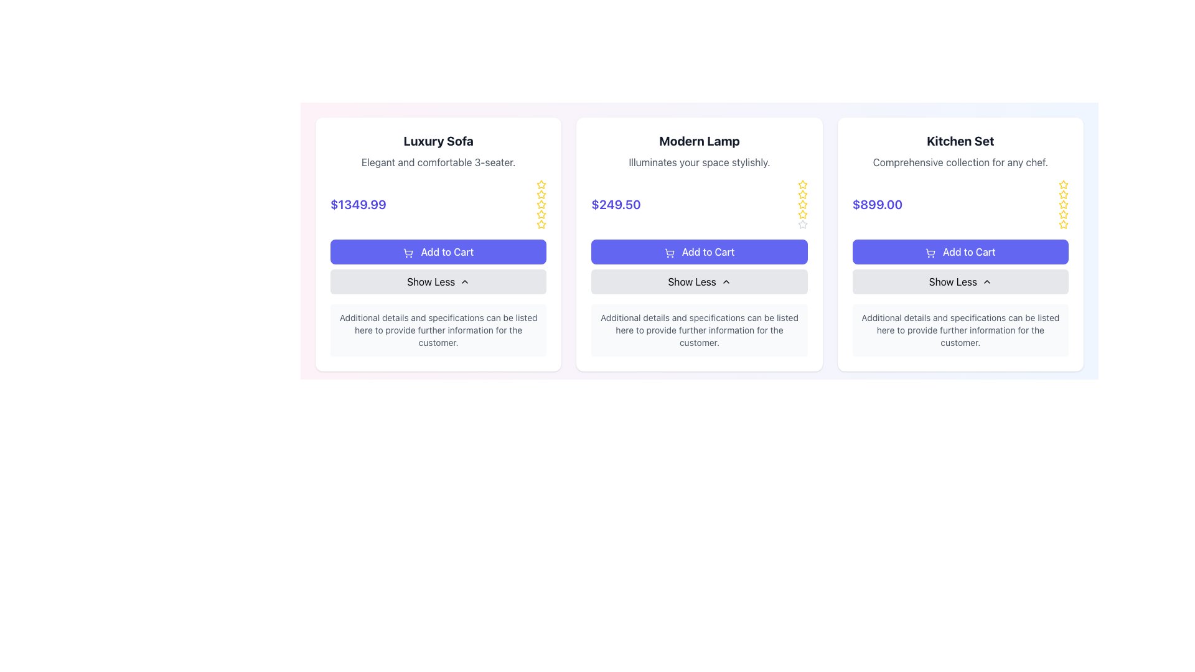 The image size is (1195, 672). I want to click on the 'Add to Cart' button with an indigo background and white text located below the price '$249.50' in the 'Modern Lamp' card, so click(699, 252).